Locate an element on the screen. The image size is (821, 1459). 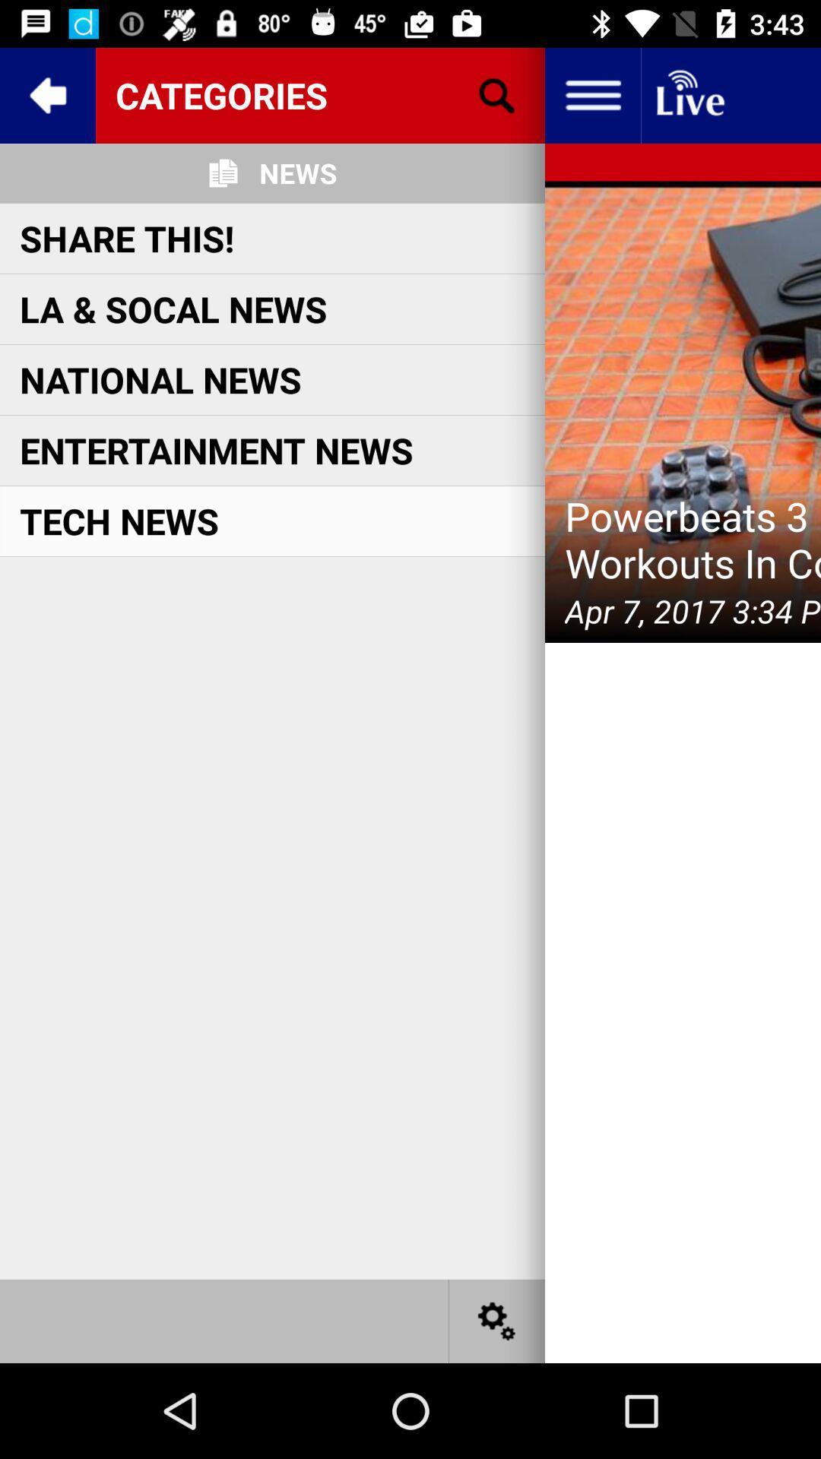
the search icon is located at coordinates (497, 94).